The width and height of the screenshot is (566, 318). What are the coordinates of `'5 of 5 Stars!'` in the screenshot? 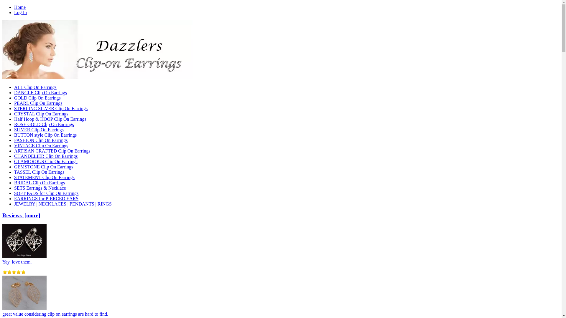 It's located at (2, 272).